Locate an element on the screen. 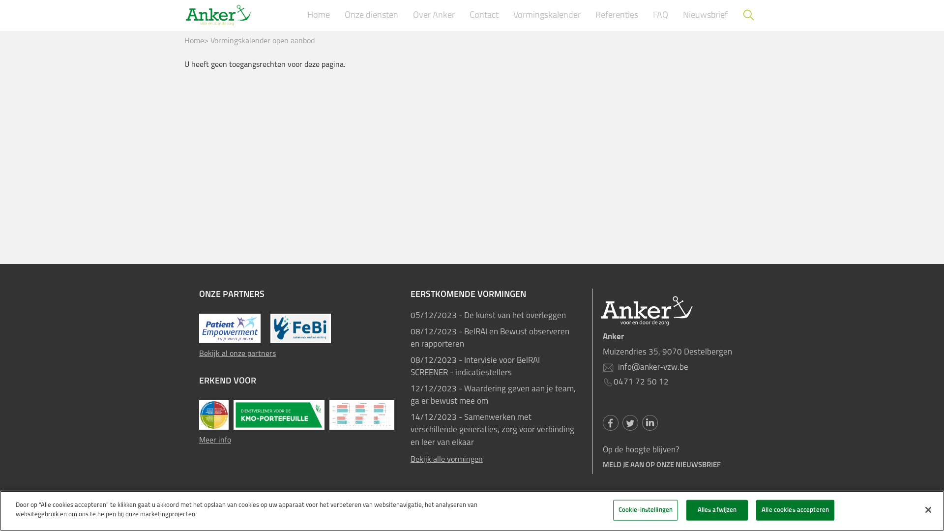  'Contact' is located at coordinates (484, 15).